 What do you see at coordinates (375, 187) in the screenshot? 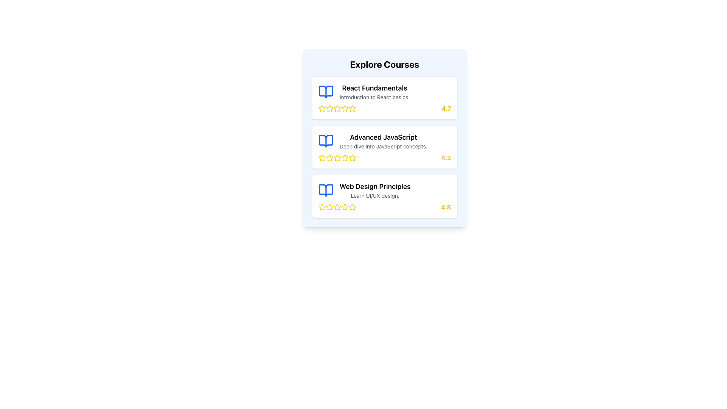
I see `text label that serves as the title of the course, located at the center of the third course card in the vertical list` at bounding box center [375, 187].